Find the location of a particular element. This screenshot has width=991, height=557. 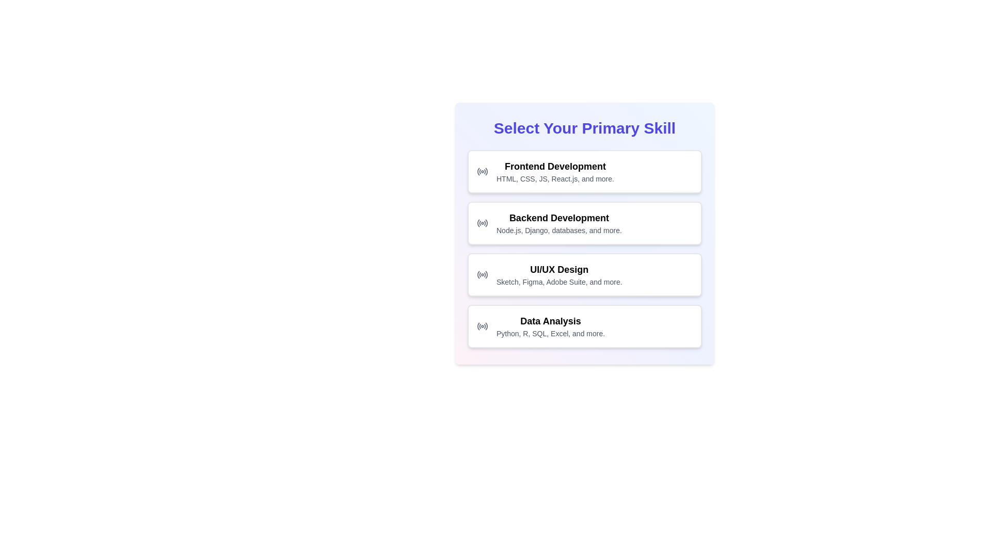

the static visual indicator representing the 'Frontend Development' skill option, which is positioned directly to the left of the corresponding text in the skill selection interface is located at coordinates (482, 171).